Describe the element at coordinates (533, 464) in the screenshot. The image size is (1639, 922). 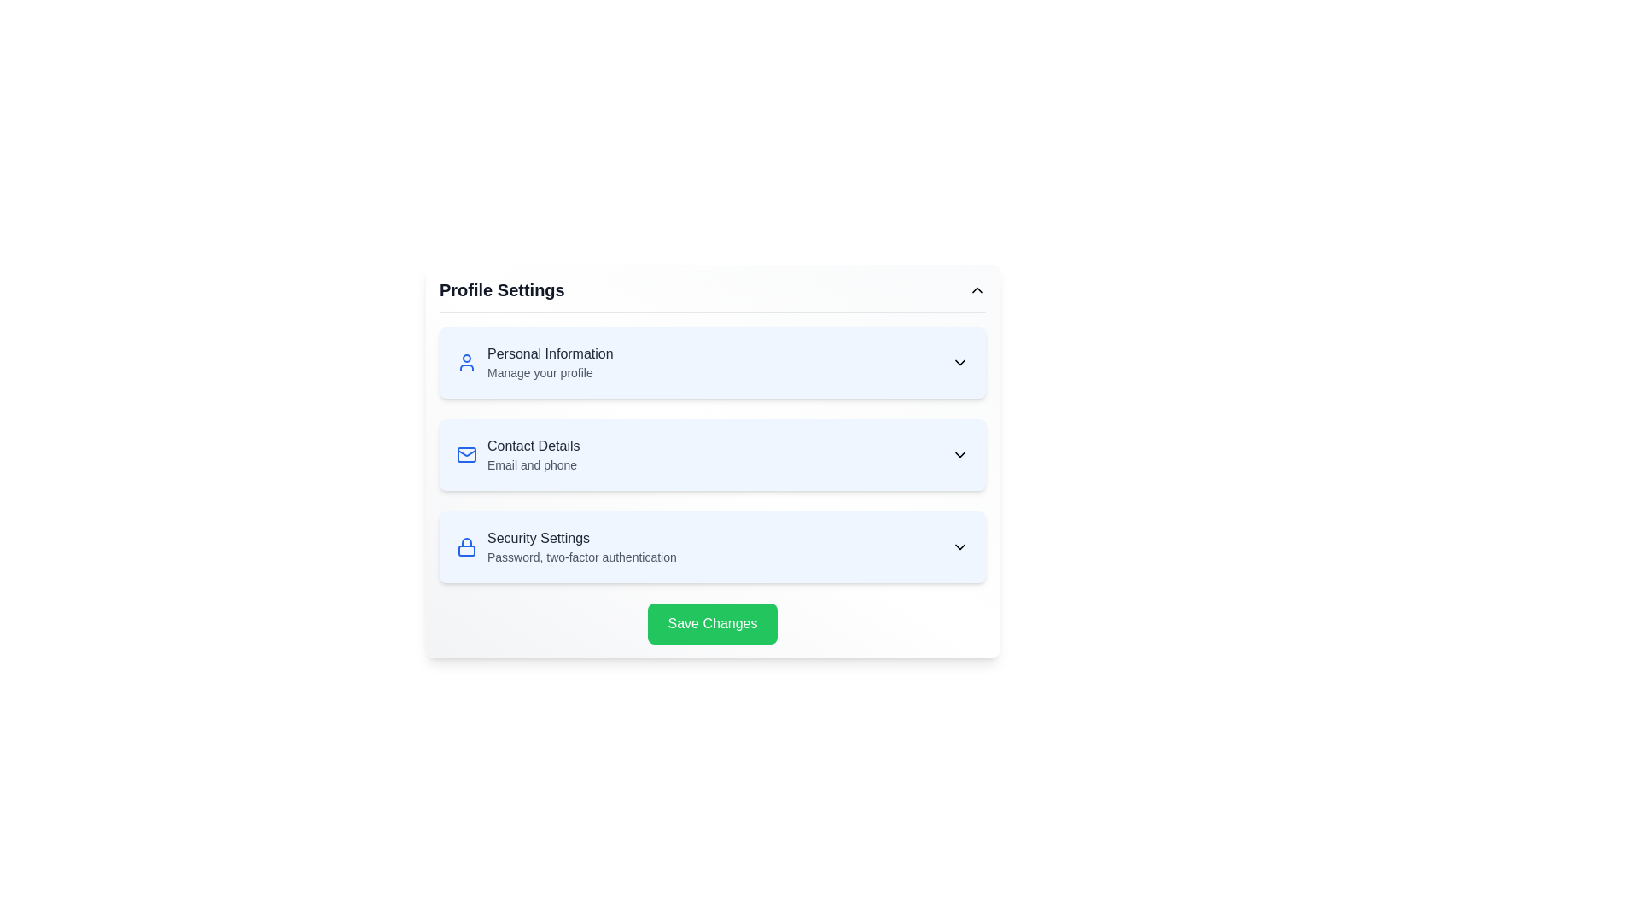
I see `the descriptive text label that provides additional context for the 'Contact Details' section, located below the 'Contact Details' title` at that location.